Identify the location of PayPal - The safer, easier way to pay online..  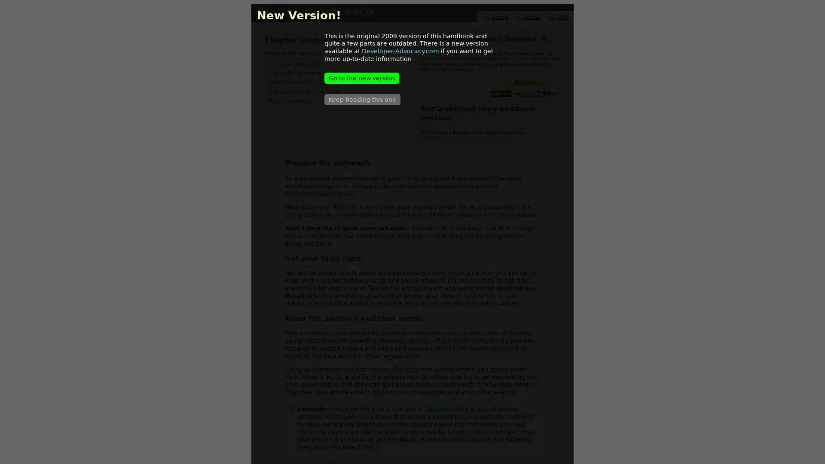
(525, 87).